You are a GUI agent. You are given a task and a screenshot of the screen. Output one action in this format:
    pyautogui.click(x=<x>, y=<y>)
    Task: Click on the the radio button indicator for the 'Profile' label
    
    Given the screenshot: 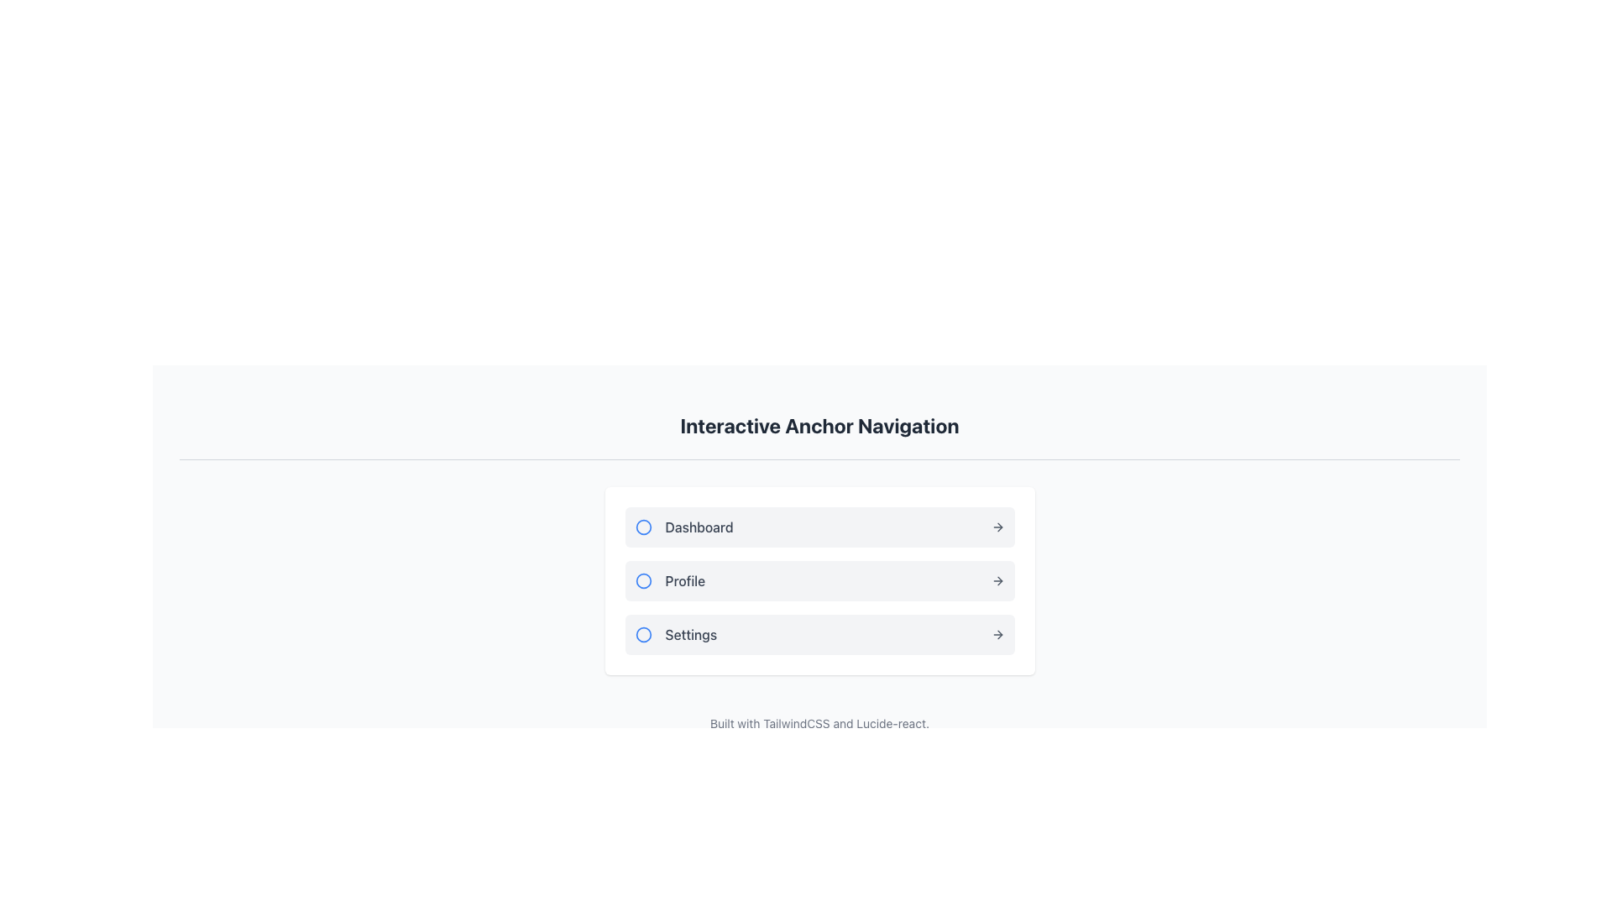 What is the action you would take?
    pyautogui.click(x=642, y=579)
    